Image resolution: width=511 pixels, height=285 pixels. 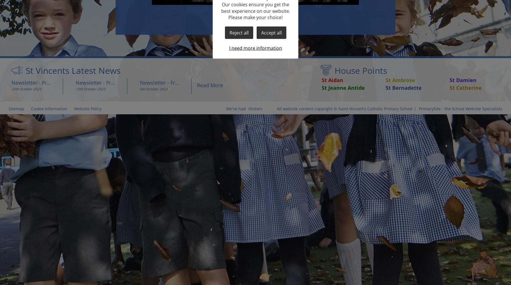 What do you see at coordinates (184, 82) in the screenshot?
I see `'Newsletter - Friday 6th October 2023'` at bounding box center [184, 82].